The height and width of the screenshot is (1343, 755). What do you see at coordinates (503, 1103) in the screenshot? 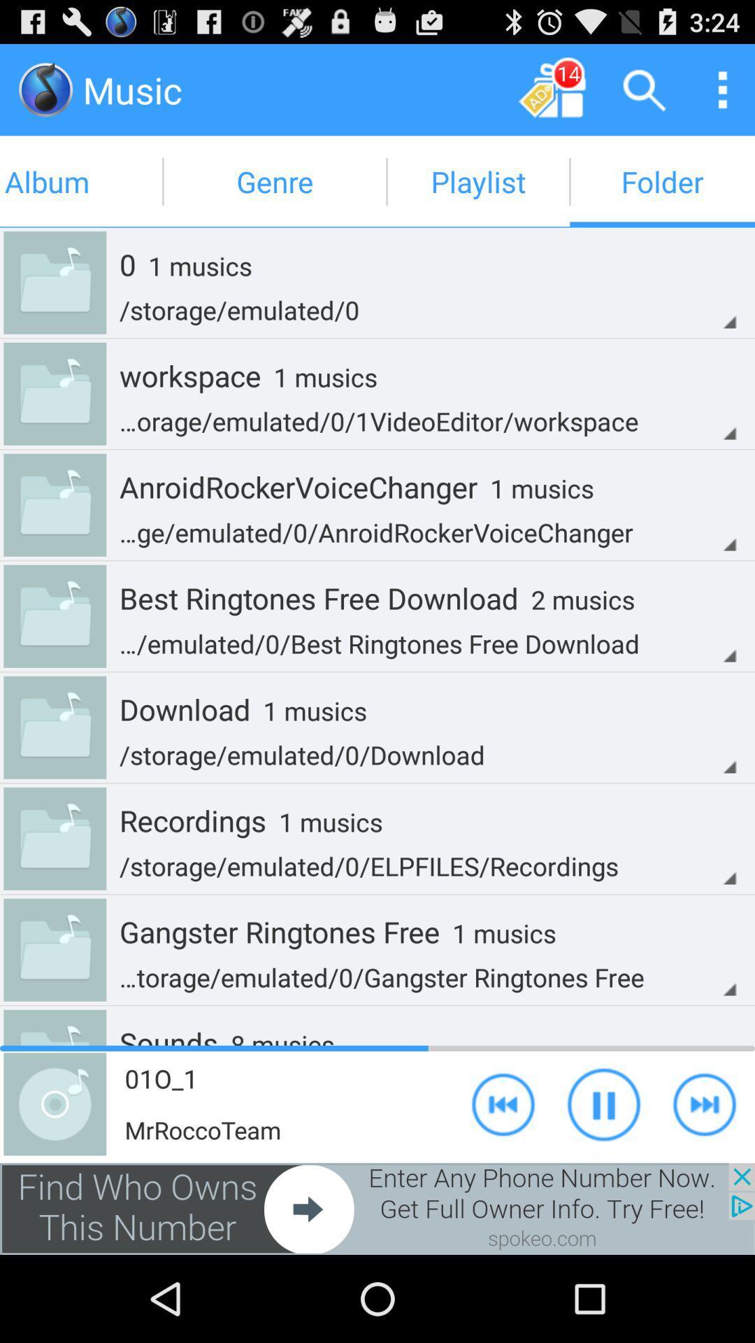
I see `next` at bounding box center [503, 1103].